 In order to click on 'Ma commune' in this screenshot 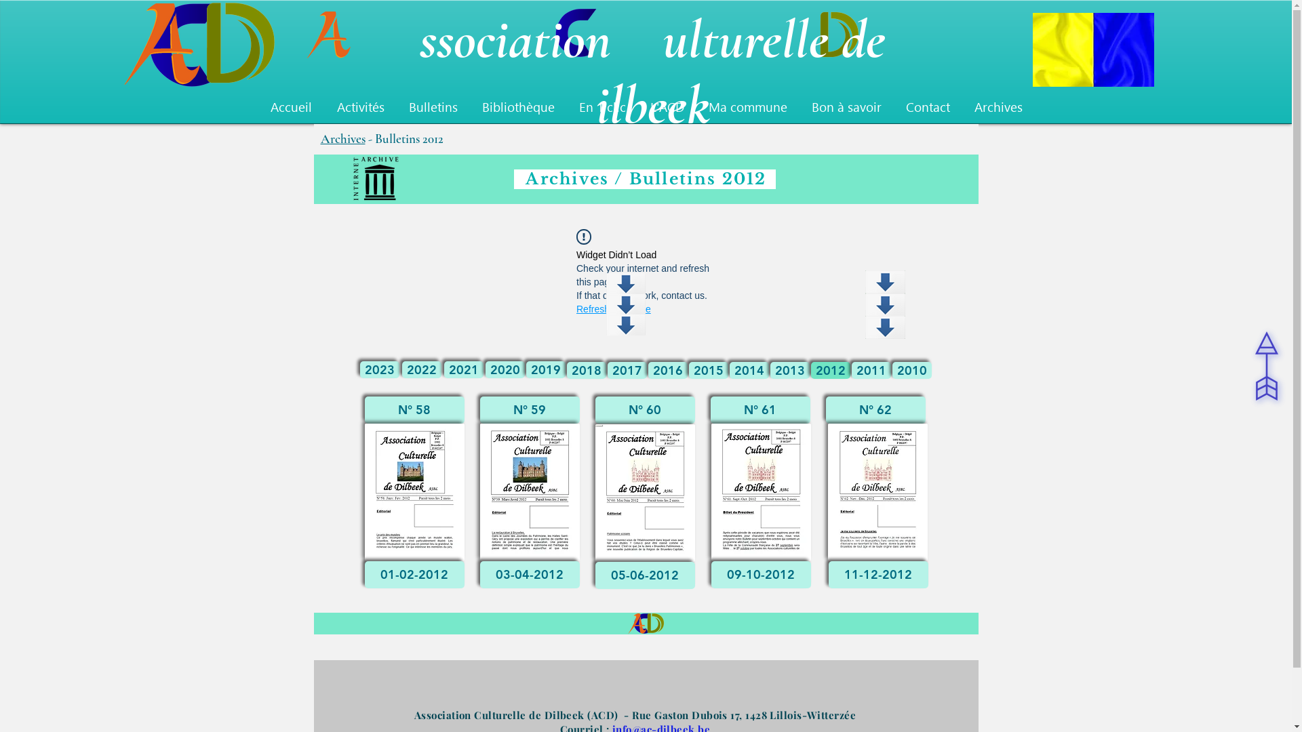, I will do `click(747, 106)`.